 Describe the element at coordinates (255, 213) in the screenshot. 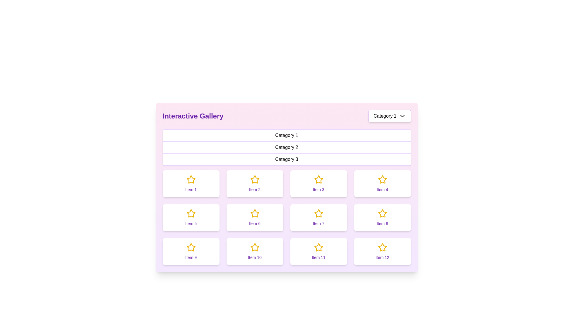

I see `the rating icon inside the card labeled 'Item 6' in the 'Interactive Gallery' section` at that location.